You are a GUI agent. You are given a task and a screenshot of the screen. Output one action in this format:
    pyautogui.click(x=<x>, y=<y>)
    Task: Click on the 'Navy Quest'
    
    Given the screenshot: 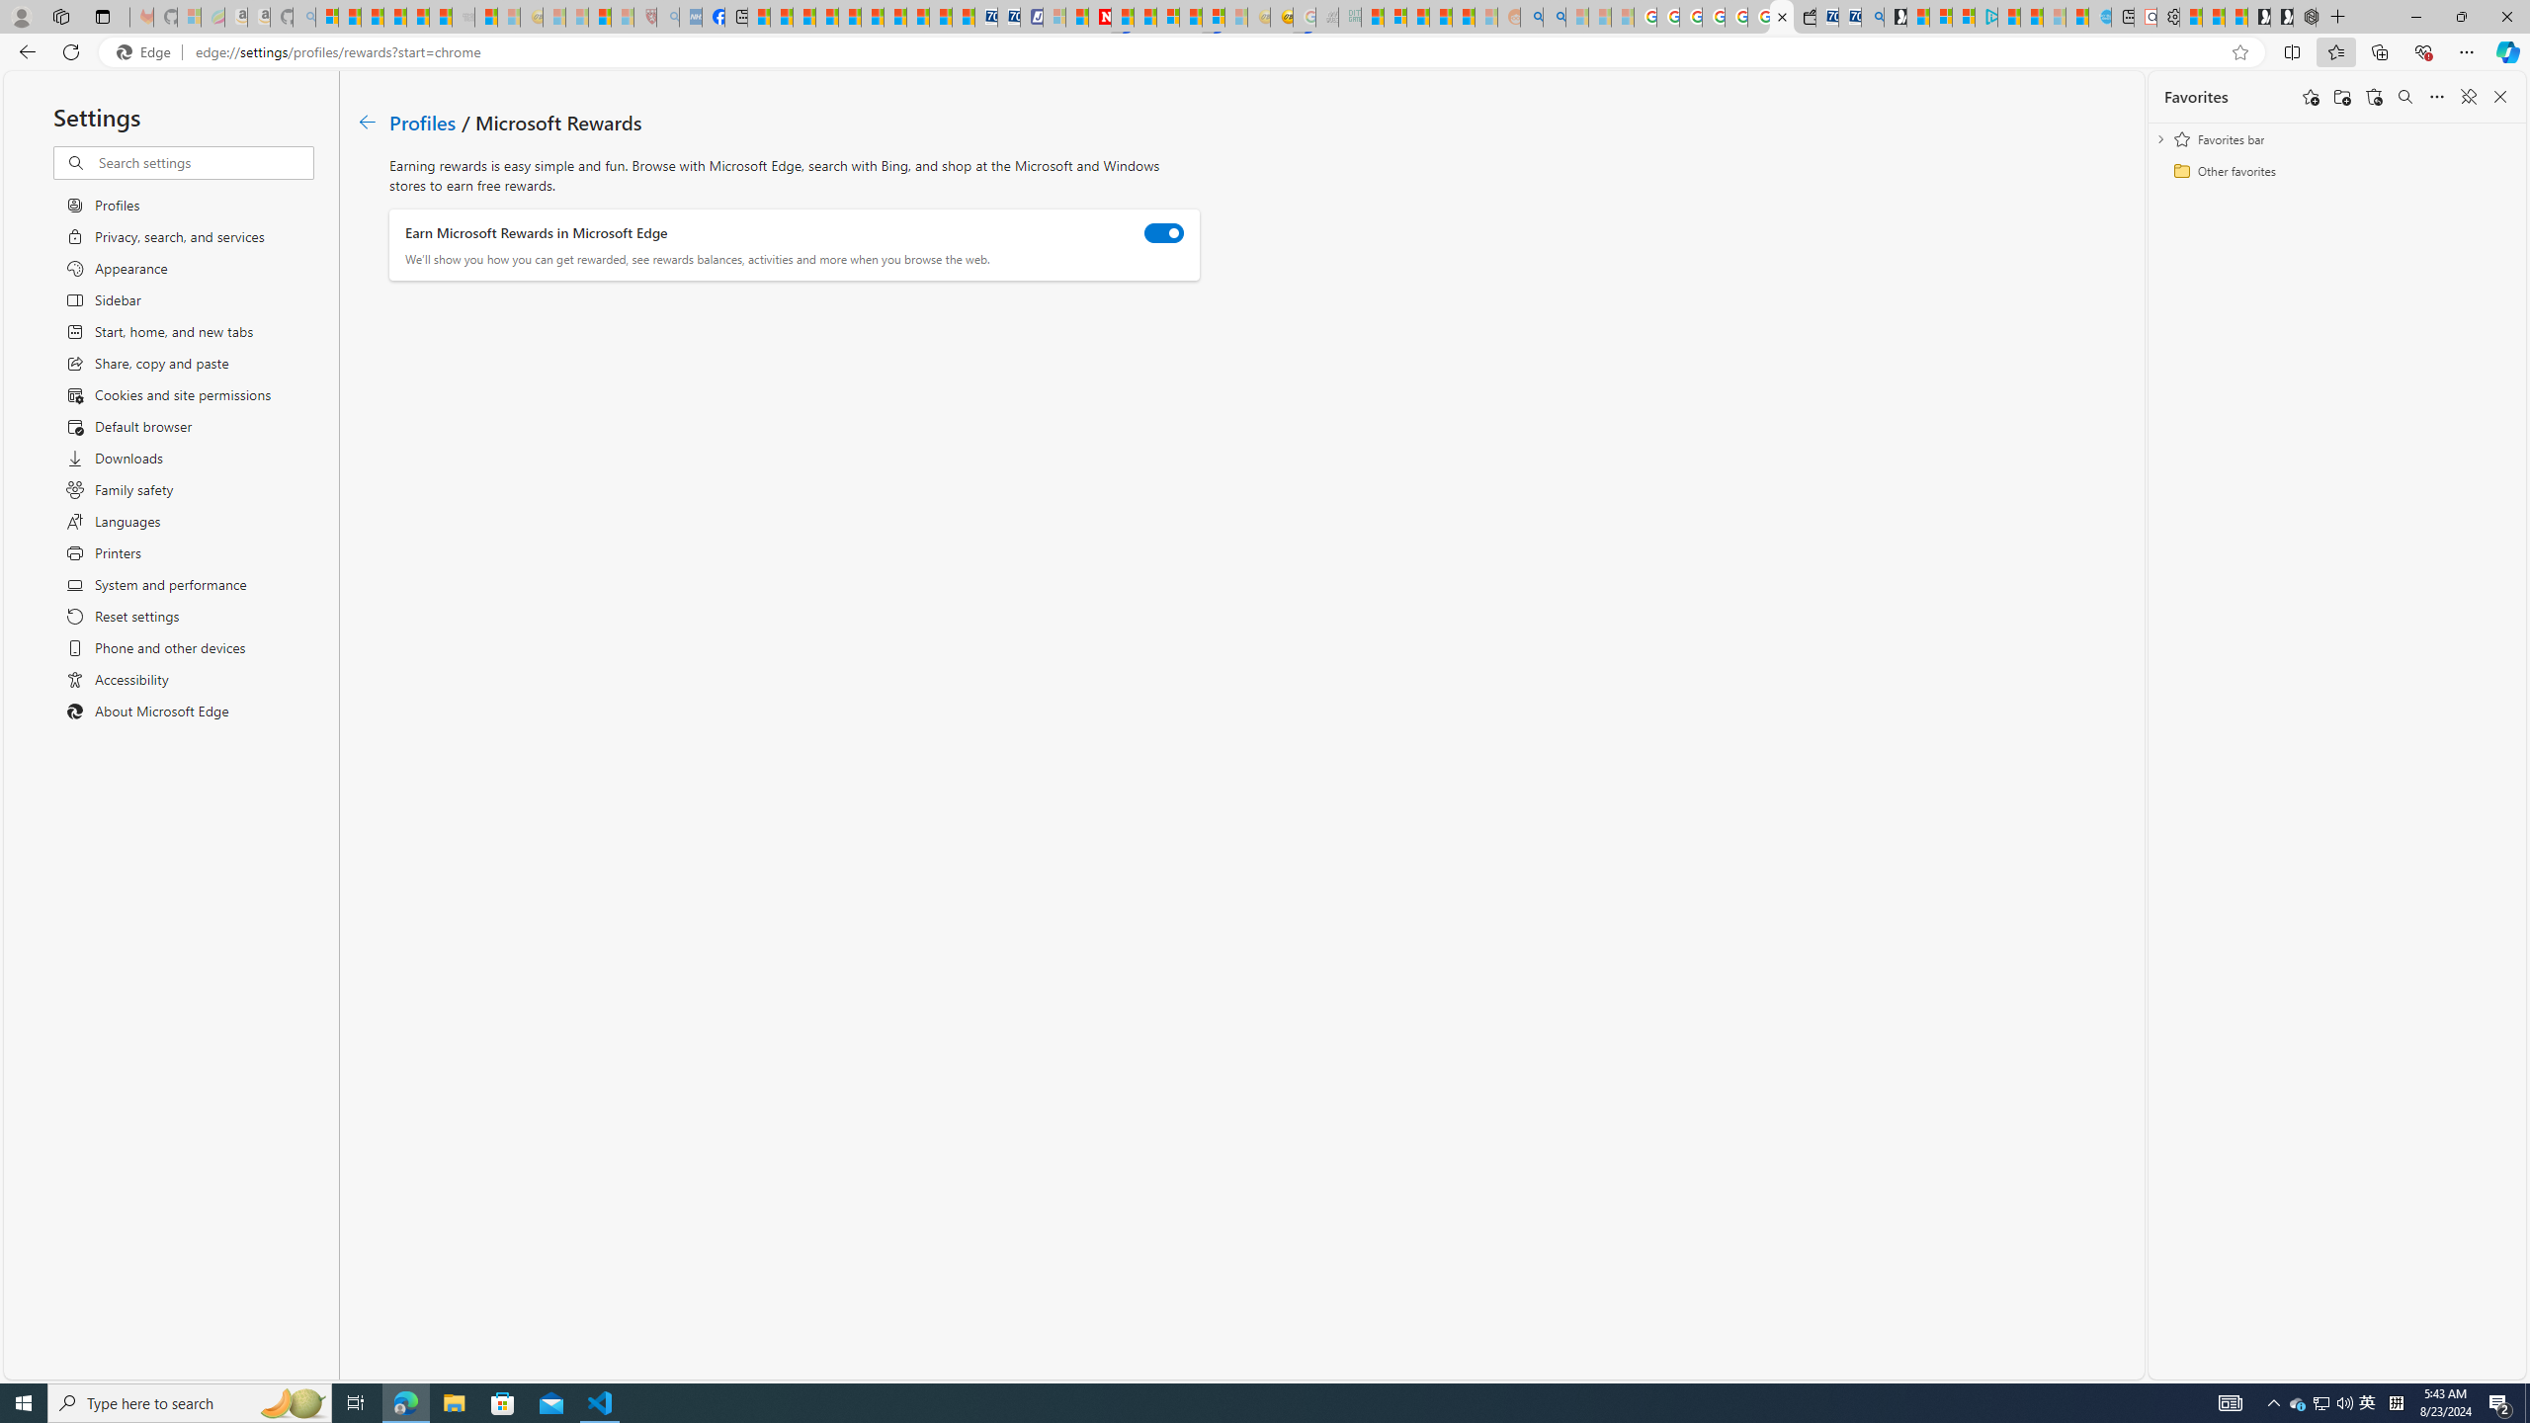 What is the action you would take?
    pyautogui.click(x=1325, y=16)
    